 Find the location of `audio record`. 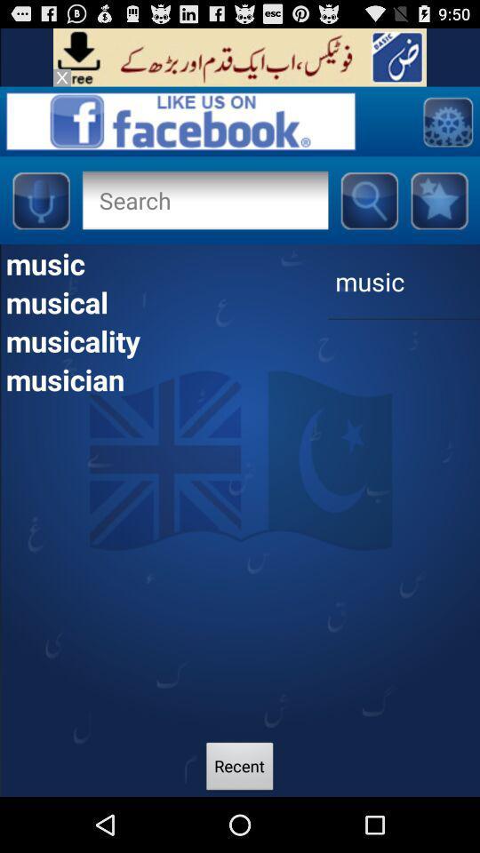

audio record is located at coordinates (40, 200).